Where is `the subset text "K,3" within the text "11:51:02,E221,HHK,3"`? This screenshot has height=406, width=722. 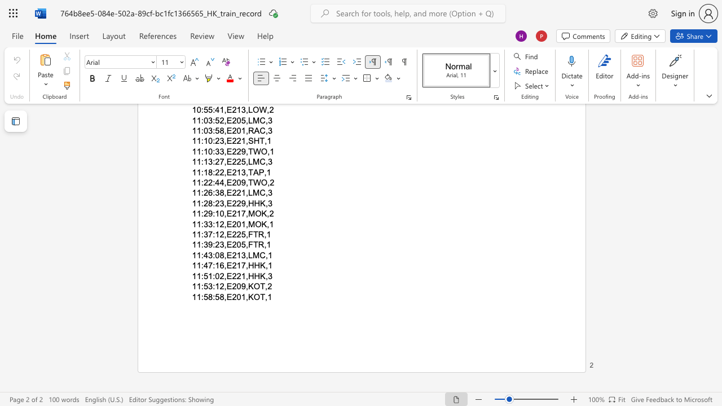
the subset text "K,3" within the text "11:51:02,E221,HHK,3" is located at coordinates (259, 276).